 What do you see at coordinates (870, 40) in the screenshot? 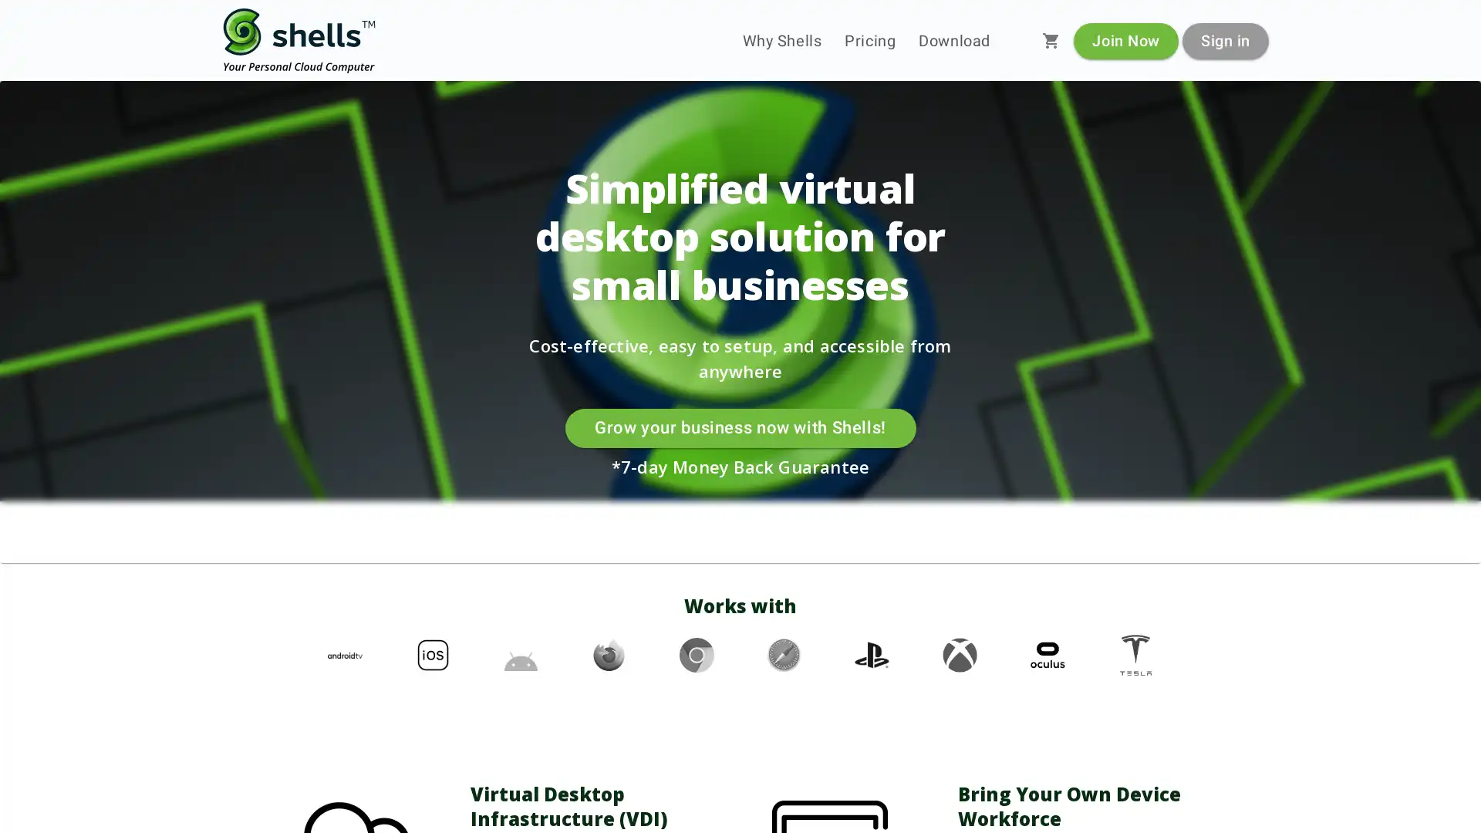
I see `Pricing` at bounding box center [870, 40].